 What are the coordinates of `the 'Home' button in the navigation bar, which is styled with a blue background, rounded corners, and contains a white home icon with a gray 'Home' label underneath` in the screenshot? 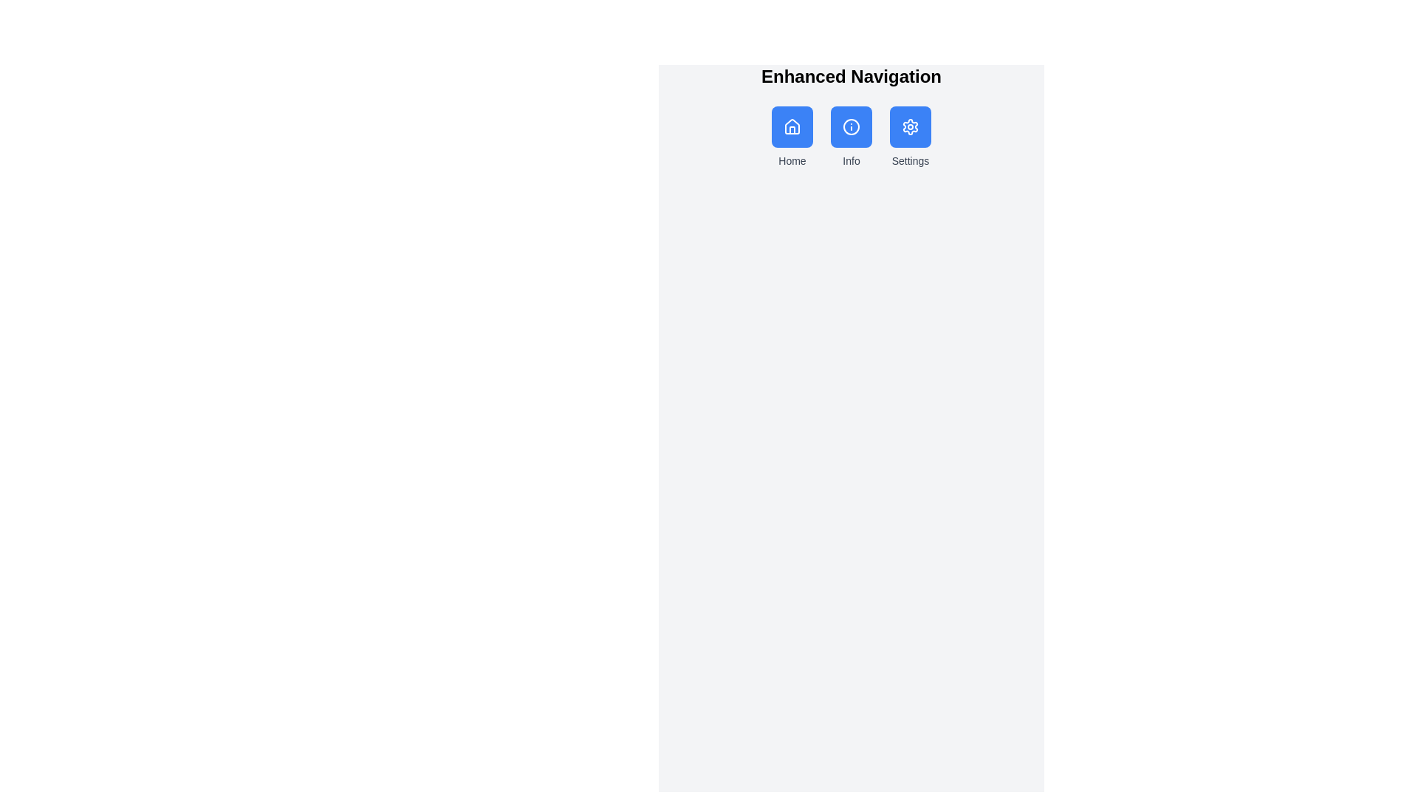 It's located at (792, 137).